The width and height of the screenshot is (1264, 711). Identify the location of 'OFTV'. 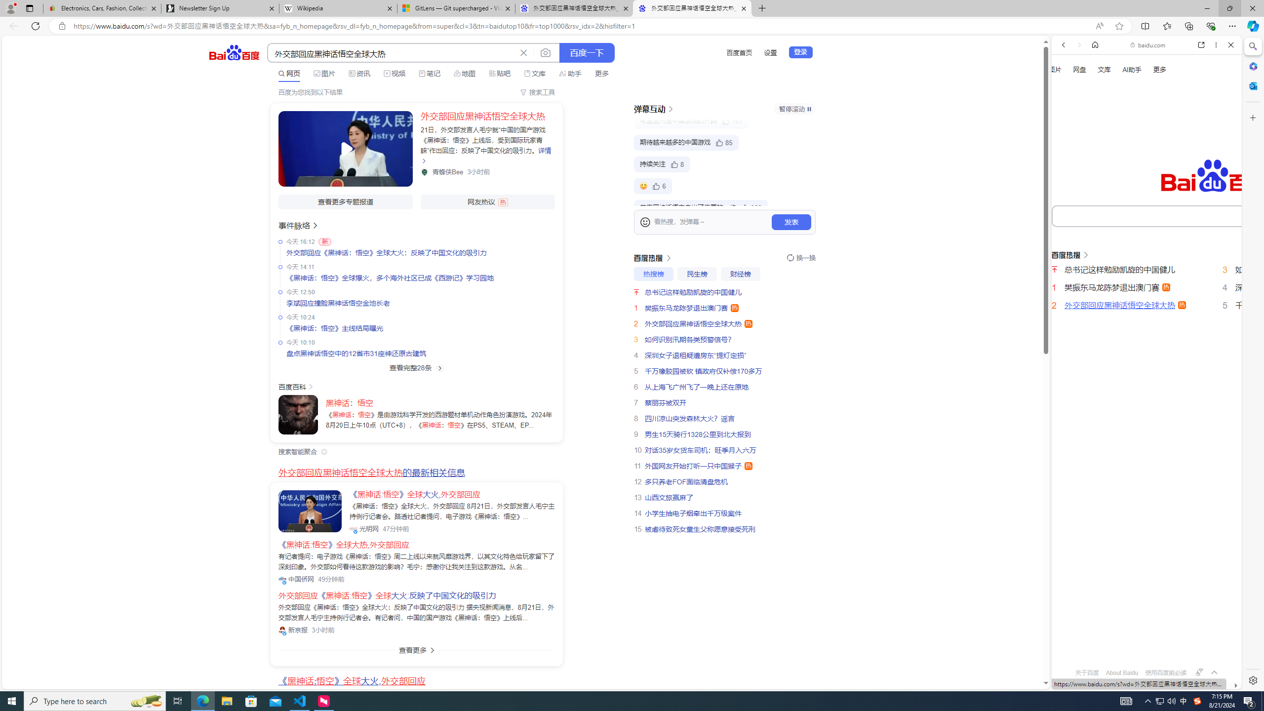
(1143, 645).